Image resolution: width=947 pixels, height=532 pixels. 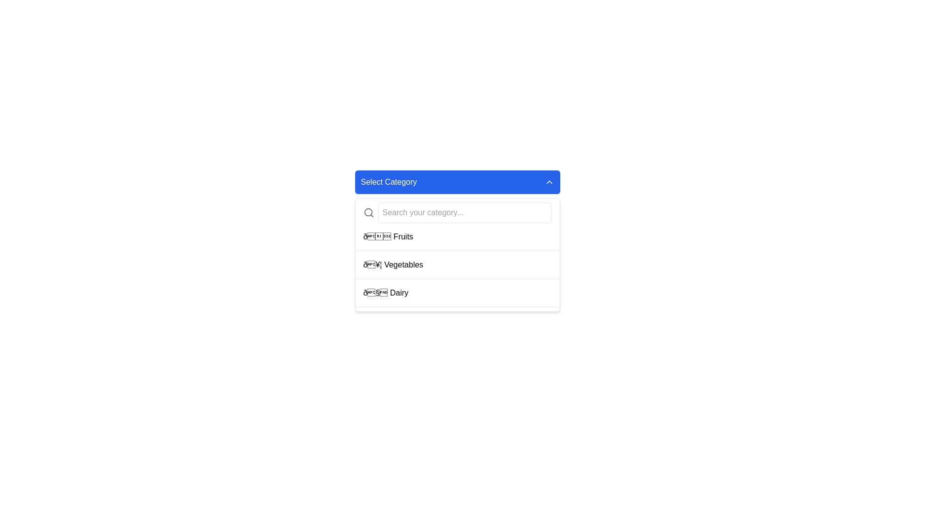 What do you see at coordinates (548, 182) in the screenshot?
I see `the chevron-up icon located at the top-right corner of the 'Select Category' bar, which is represented by an upward-pointing triangle with a blue background` at bounding box center [548, 182].